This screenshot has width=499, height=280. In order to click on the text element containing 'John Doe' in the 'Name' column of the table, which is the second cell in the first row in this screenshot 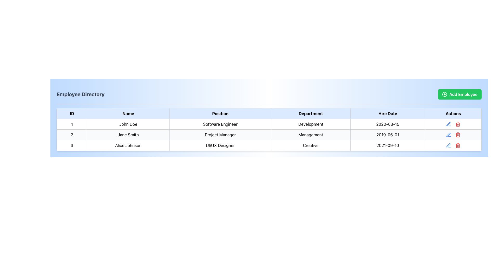, I will do `click(128, 124)`.